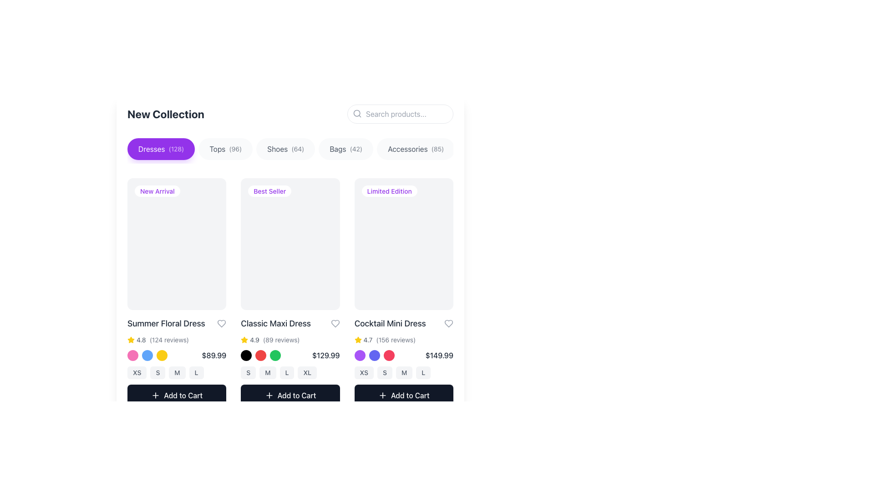 Image resolution: width=874 pixels, height=491 pixels. Describe the element at coordinates (307, 372) in the screenshot. I see `the 'XL' size selection button for the 'Classic Maxi Dress' product` at that location.